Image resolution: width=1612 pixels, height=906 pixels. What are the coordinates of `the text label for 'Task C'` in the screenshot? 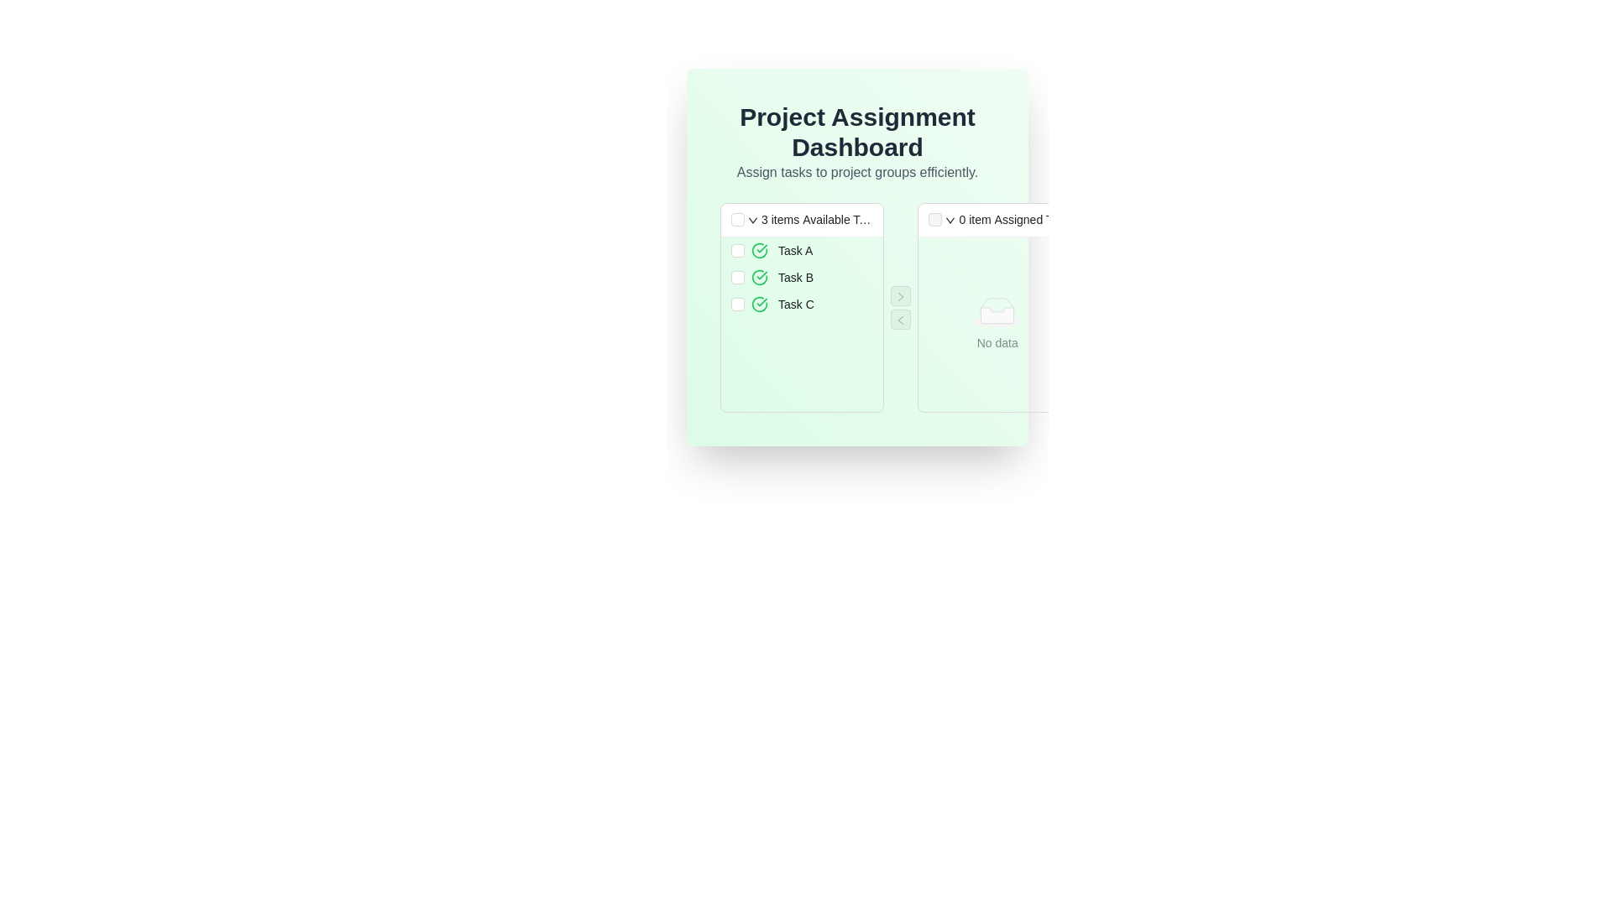 It's located at (795, 304).